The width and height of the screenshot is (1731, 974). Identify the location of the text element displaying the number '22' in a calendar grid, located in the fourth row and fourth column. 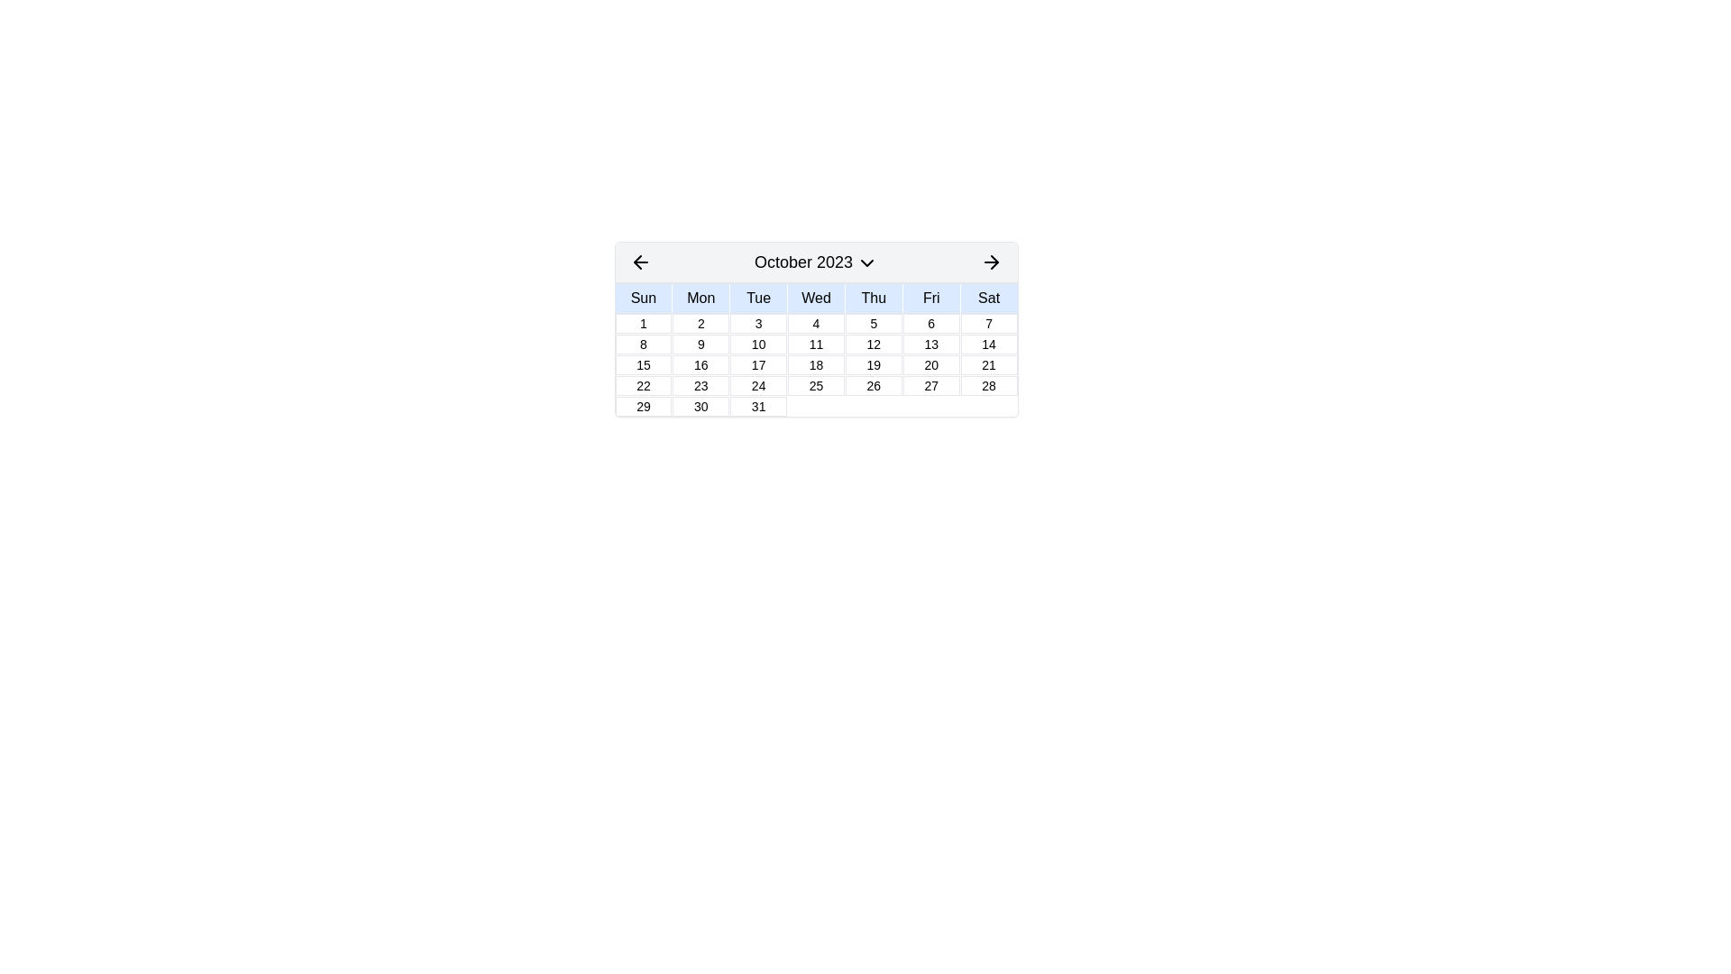
(643, 385).